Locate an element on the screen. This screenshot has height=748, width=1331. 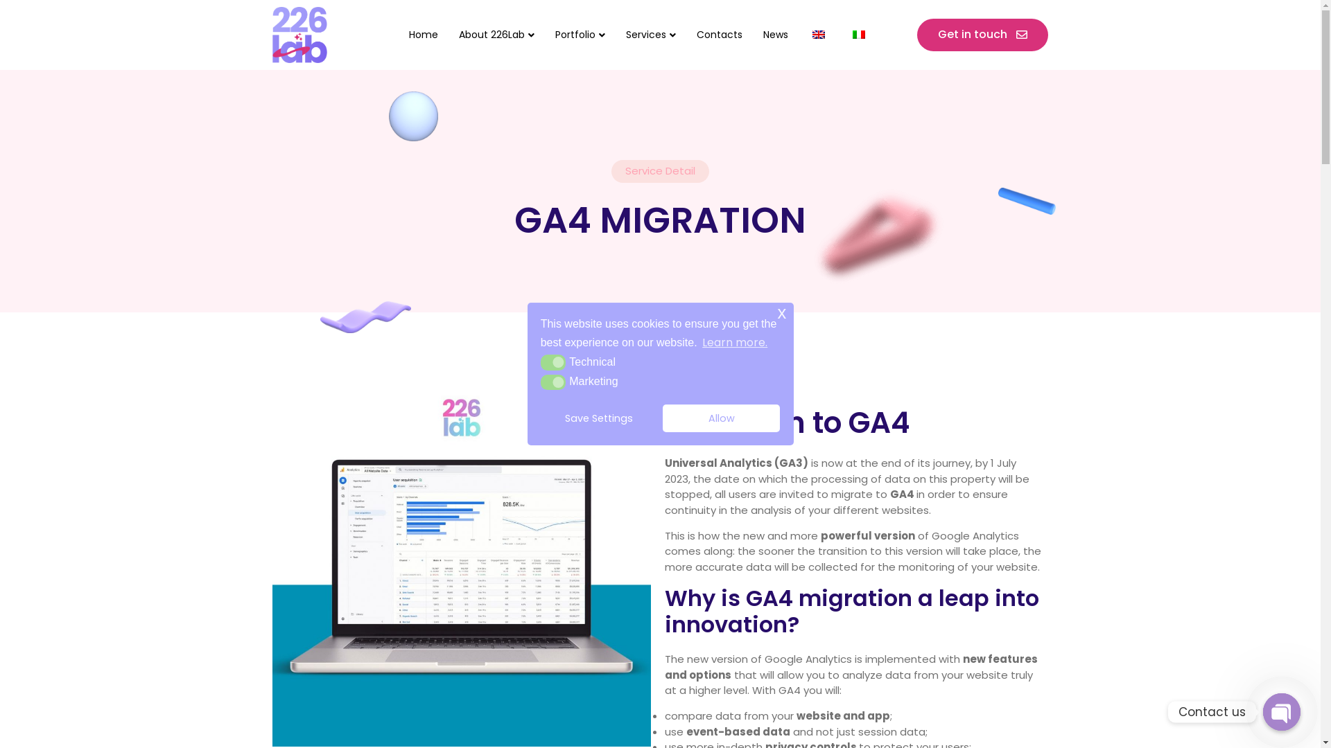
'Get in touch' is located at coordinates (917, 34).